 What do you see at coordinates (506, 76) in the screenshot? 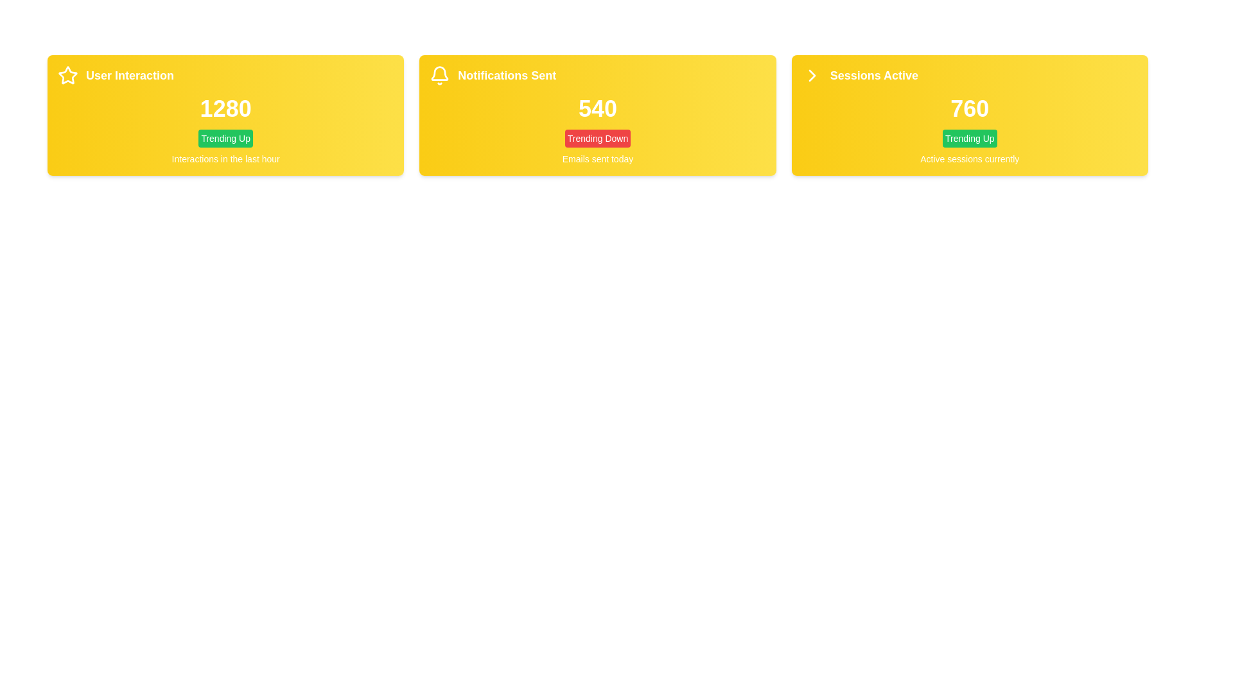
I see `the text label displaying 'Notifications Sent' which is prominently styled in white on a yellow background, located in the center of the layout above the numeral (540)` at bounding box center [506, 76].